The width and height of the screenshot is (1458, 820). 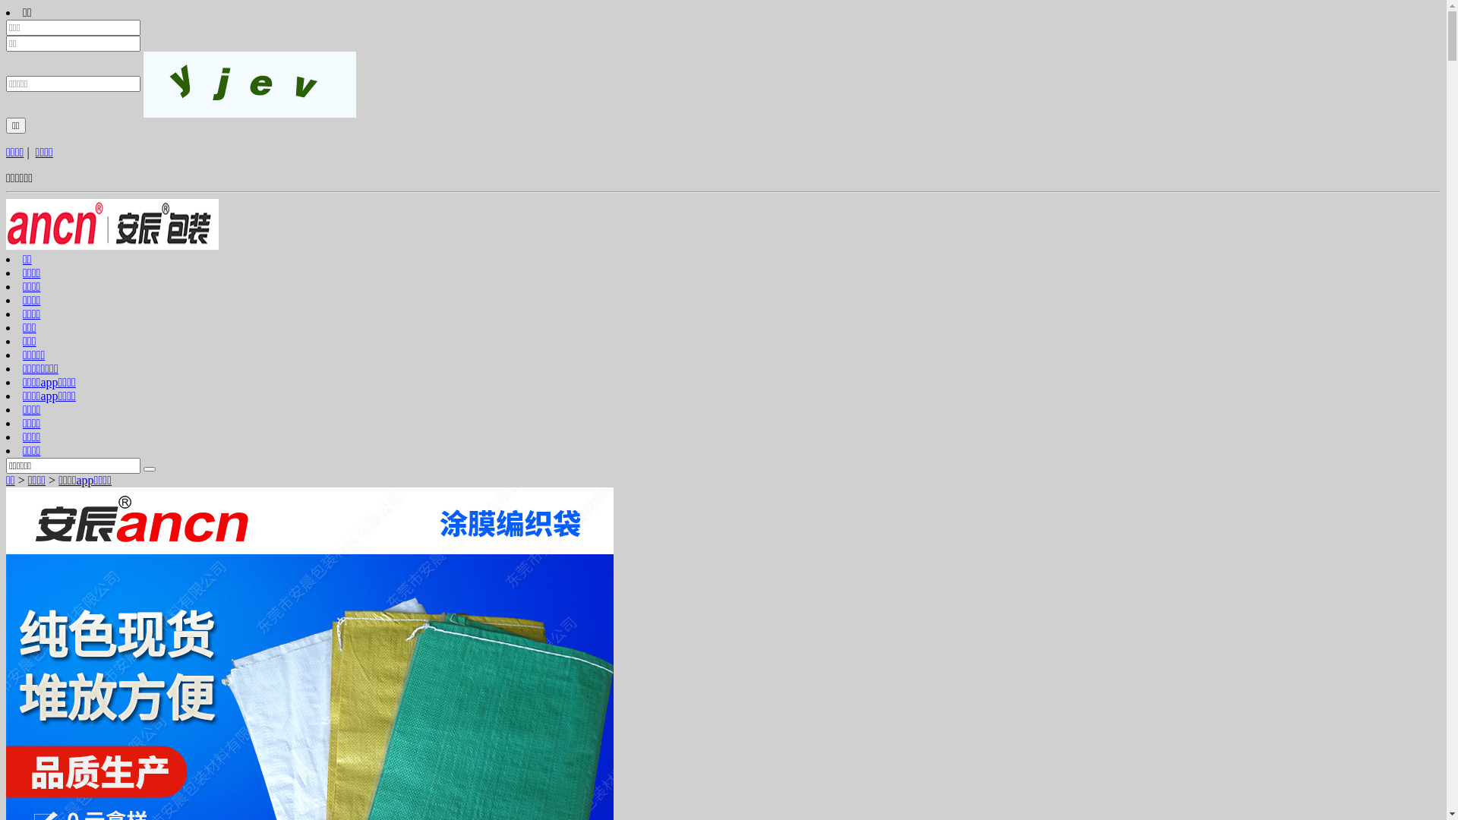 I want to click on 'Search', so click(x=143, y=468).